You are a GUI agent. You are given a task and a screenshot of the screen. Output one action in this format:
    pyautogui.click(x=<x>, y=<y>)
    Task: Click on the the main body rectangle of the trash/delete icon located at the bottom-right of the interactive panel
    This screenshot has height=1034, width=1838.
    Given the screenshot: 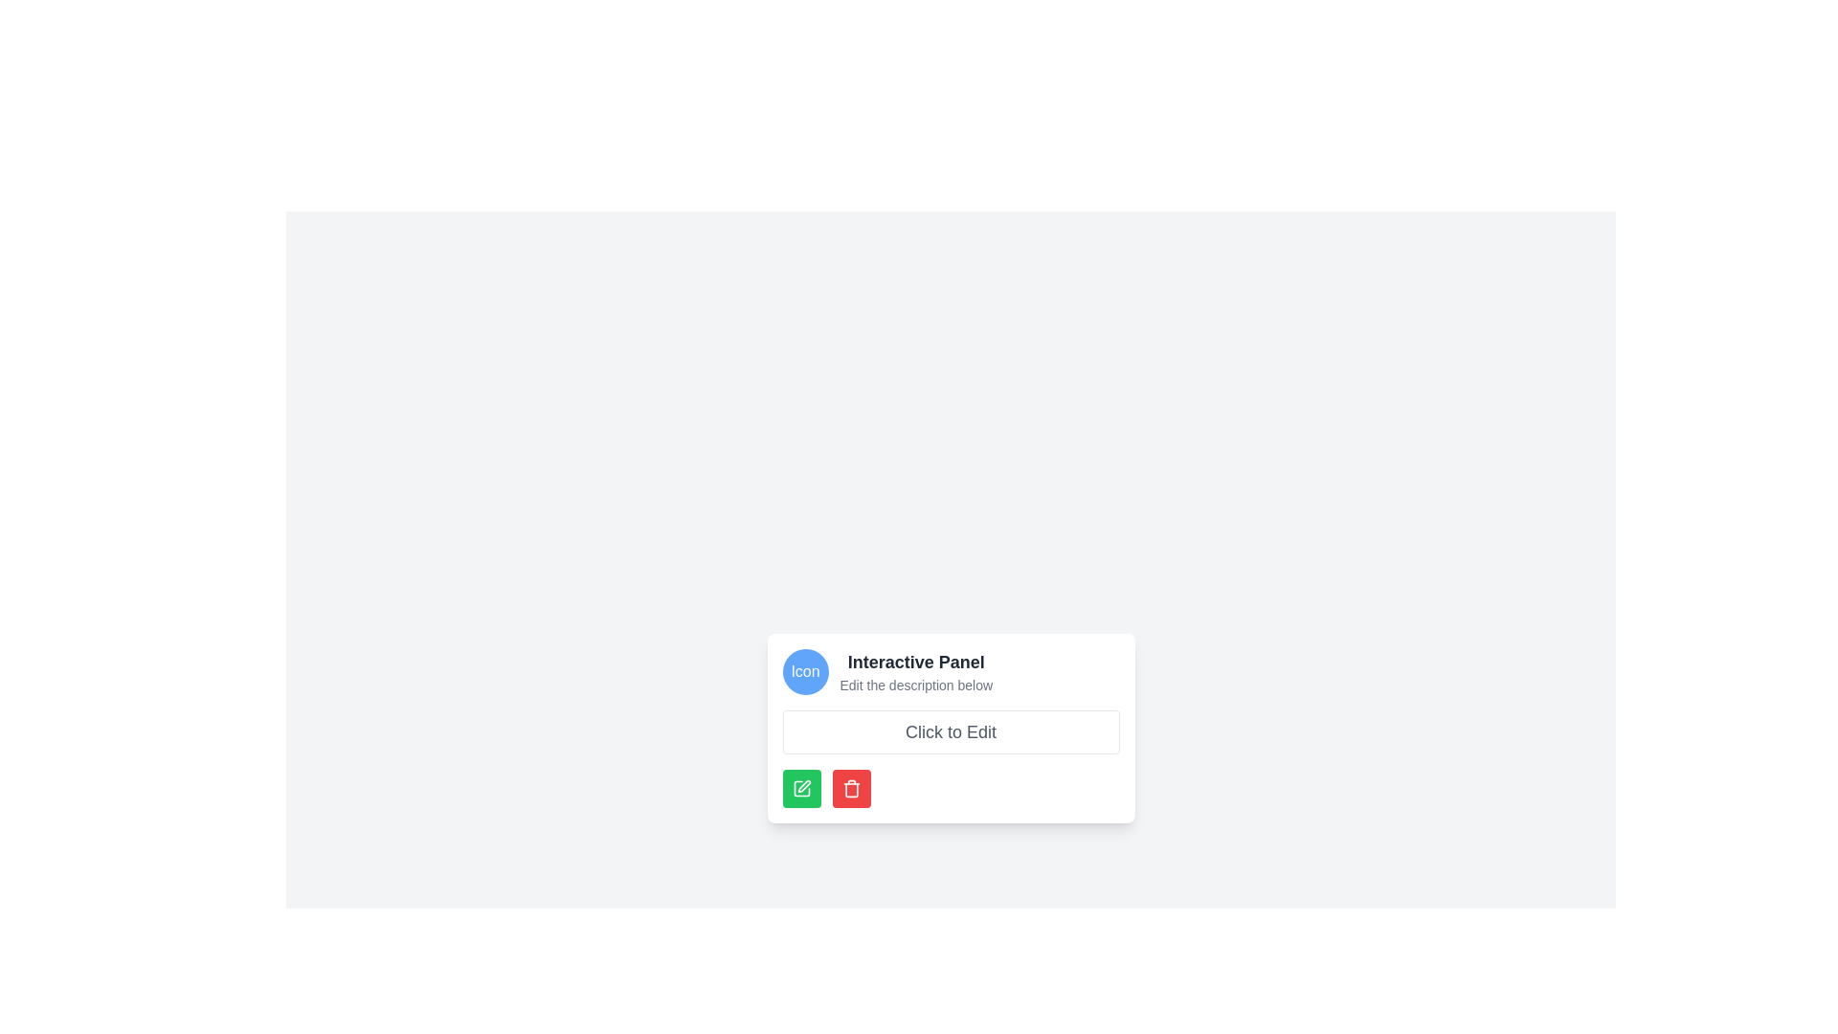 What is the action you would take?
    pyautogui.click(x=850, y=790)
    